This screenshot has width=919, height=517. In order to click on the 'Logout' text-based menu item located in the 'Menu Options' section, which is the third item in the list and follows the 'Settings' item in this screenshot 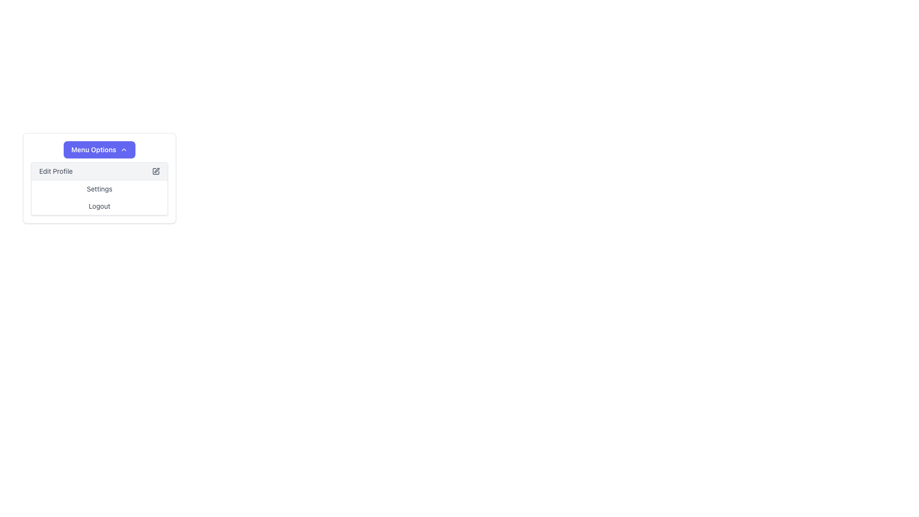, I will do `click(99, 206)`.